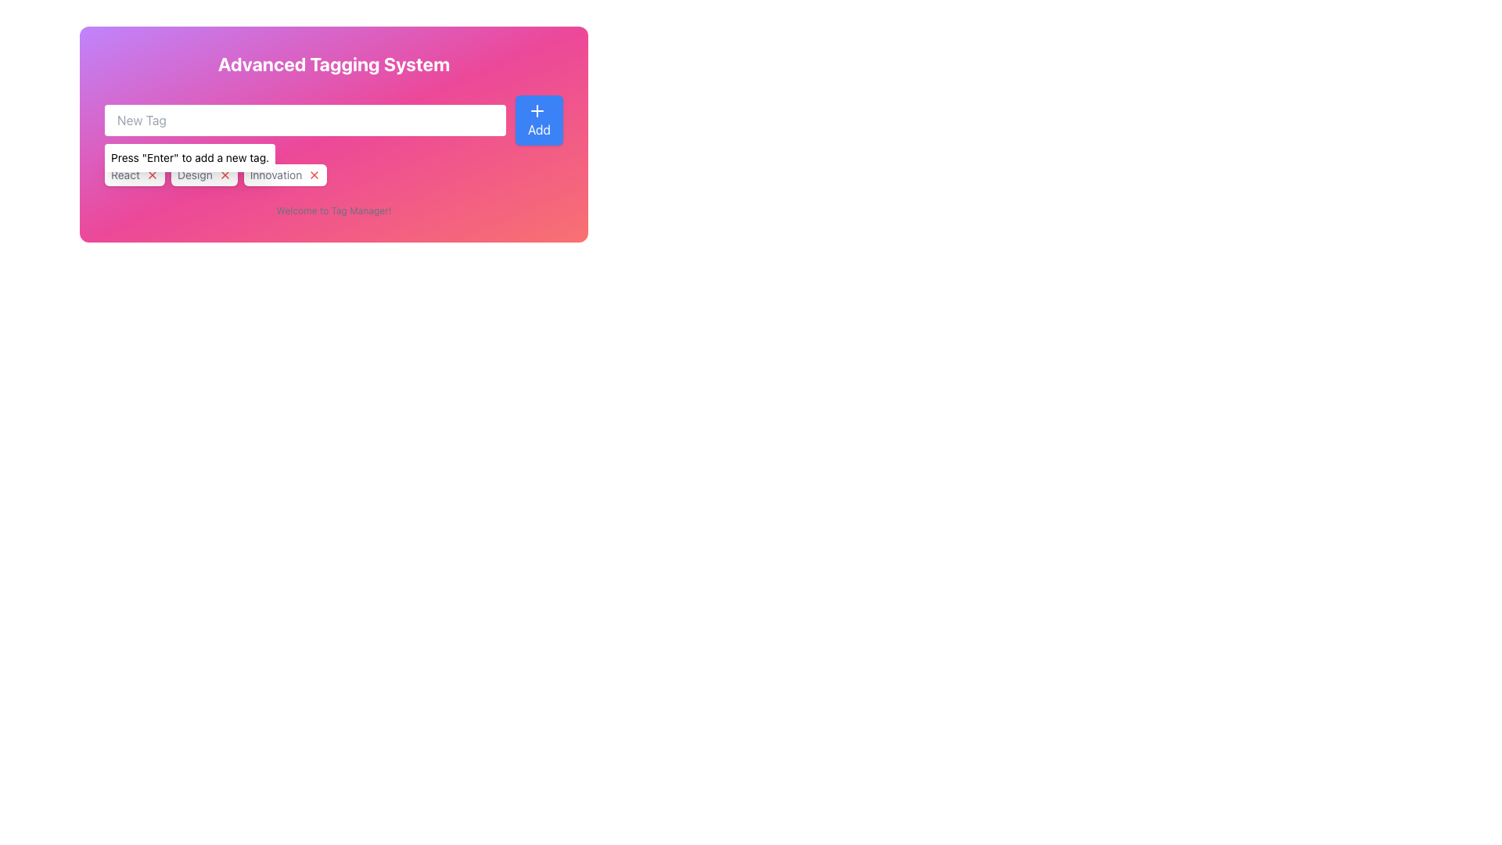 The image size is (1502, 845). Describe the element at coordinates (135, 174) in the screenshot. I see `the first interactive tag labeled 'React' which has a removable feature indicated by a small red 'X' icon` at that location.